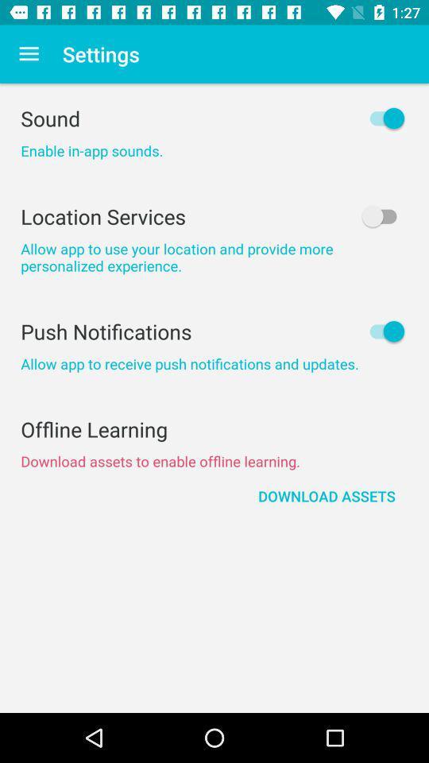  I want to click on location services icon, so click(214, 215).